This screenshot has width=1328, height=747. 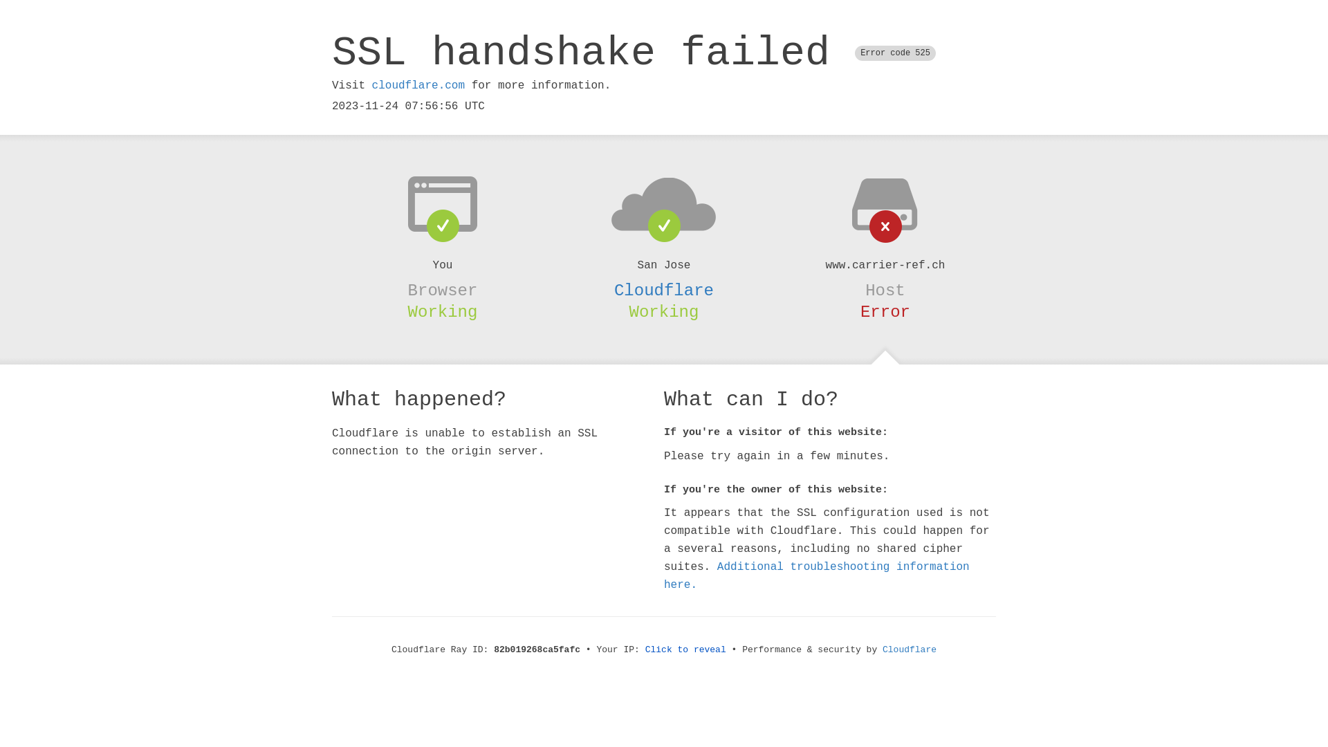 I want to click on 'Additional troubleshooting information here.', so click(x=816, y=576).